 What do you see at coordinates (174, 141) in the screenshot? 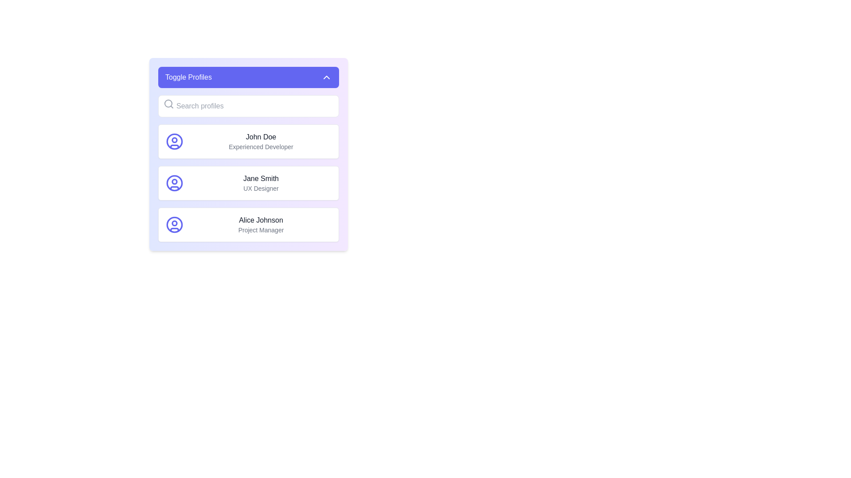
I see `the profile icon represented by a blue stroked SVG circle graphic next to the name 'John Doe' in the user profiles listing interface` at bounding box center [174, 141].